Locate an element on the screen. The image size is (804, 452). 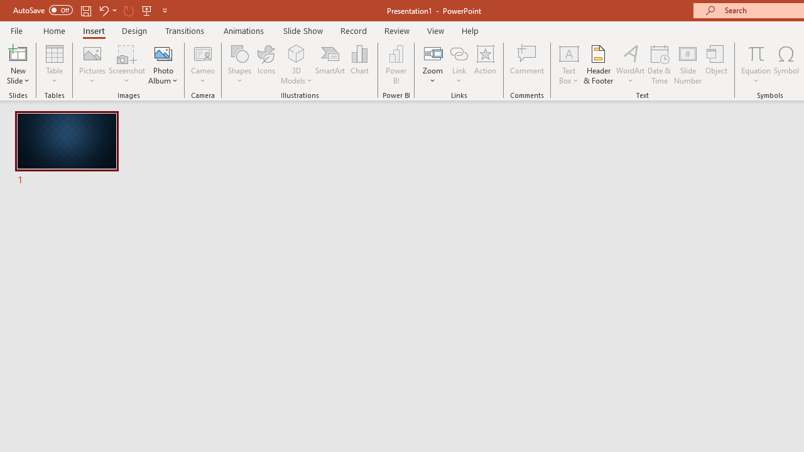
'Date & Time...' is located at coordinates (659, 65).